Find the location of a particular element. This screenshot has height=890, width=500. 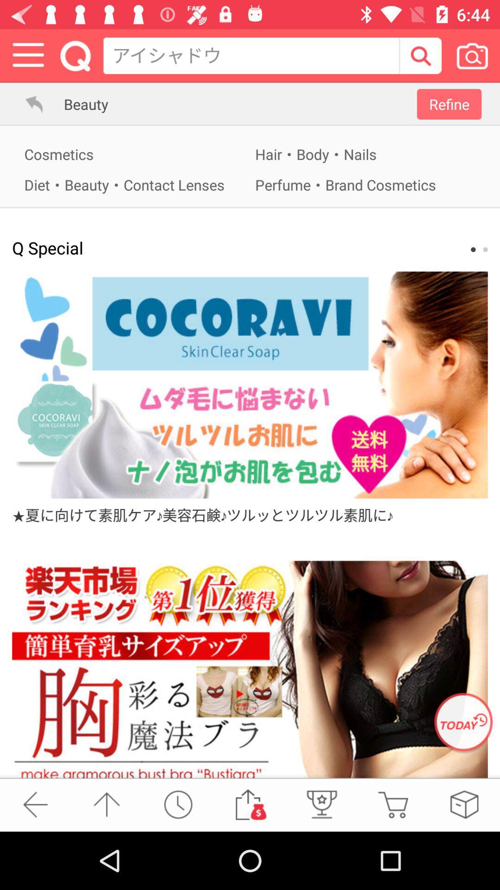

scroll up is located at coordinates (106, 804).